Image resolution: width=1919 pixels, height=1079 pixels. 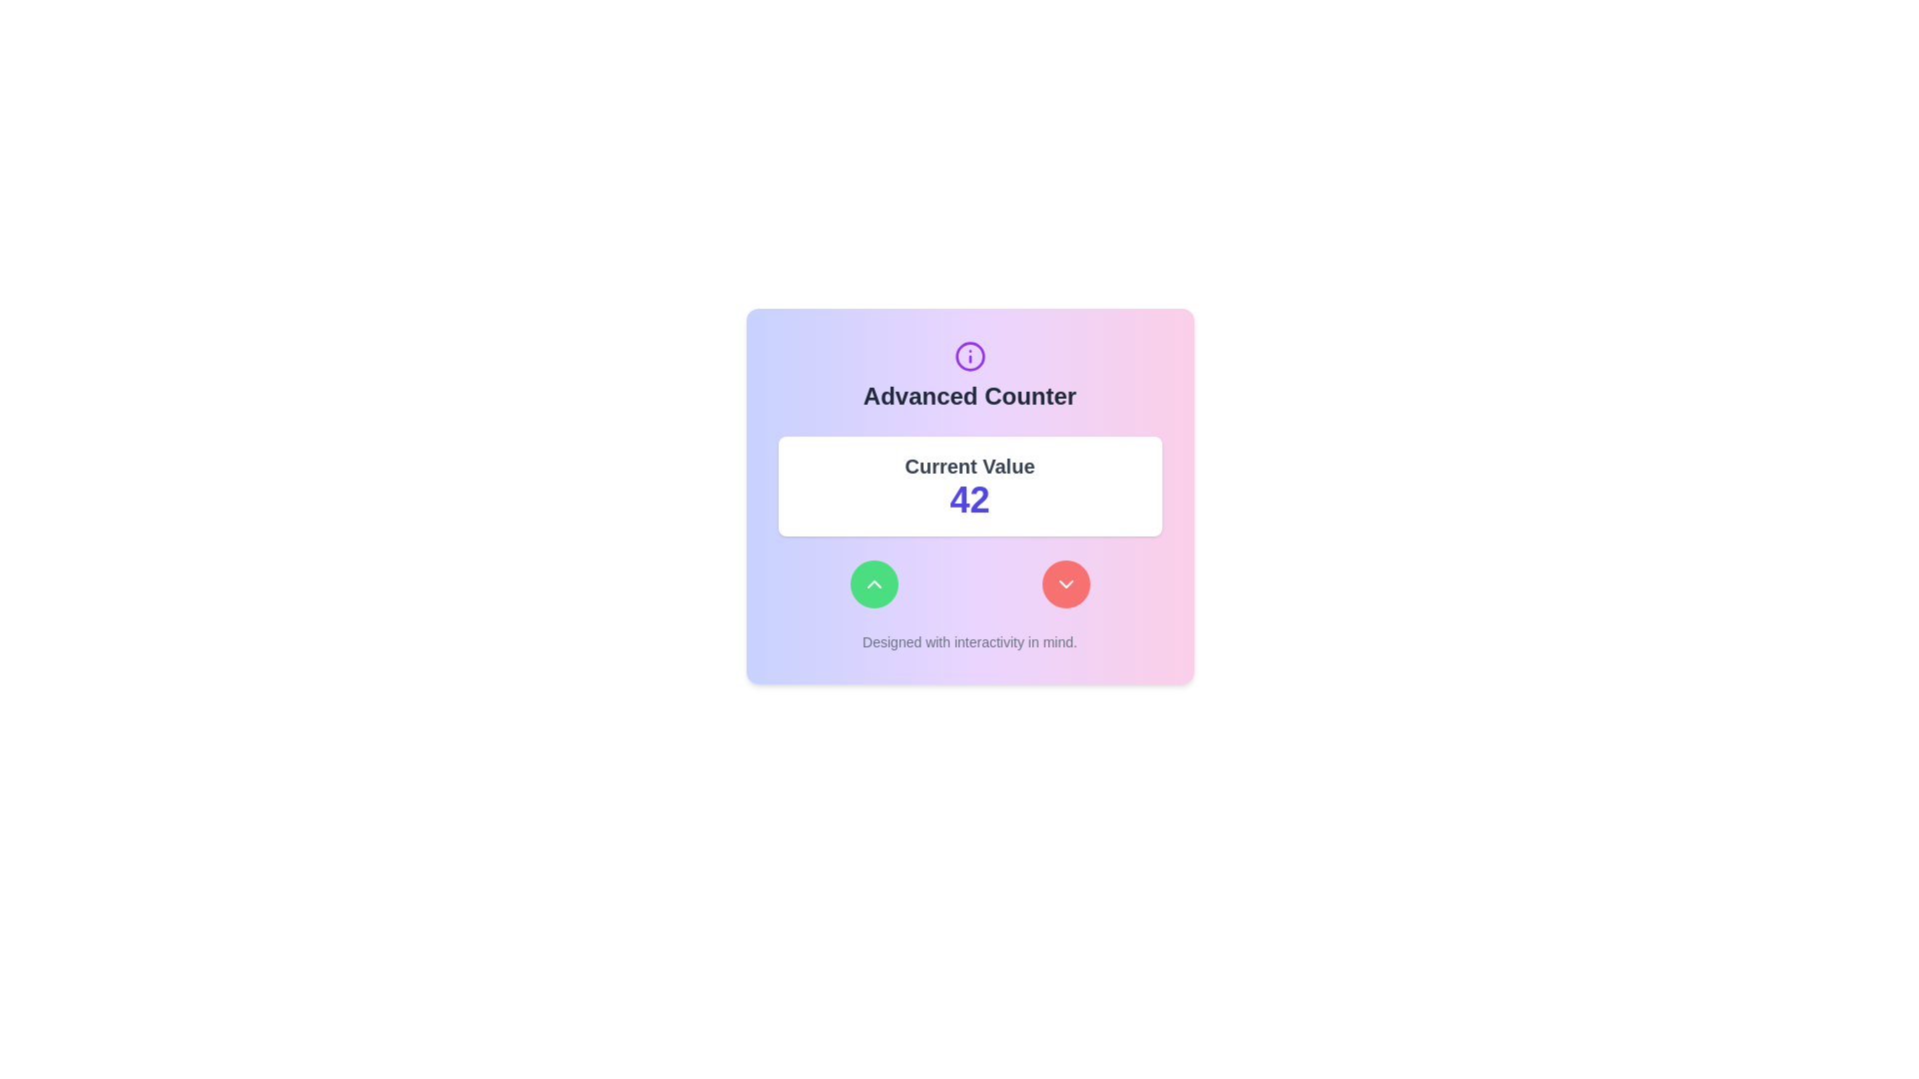 I want to click on the circular decorative component with a purple outline located at the center of the info icon graphic, which is above the 'Advanced Counter' heading, so click(x=969, y=356).